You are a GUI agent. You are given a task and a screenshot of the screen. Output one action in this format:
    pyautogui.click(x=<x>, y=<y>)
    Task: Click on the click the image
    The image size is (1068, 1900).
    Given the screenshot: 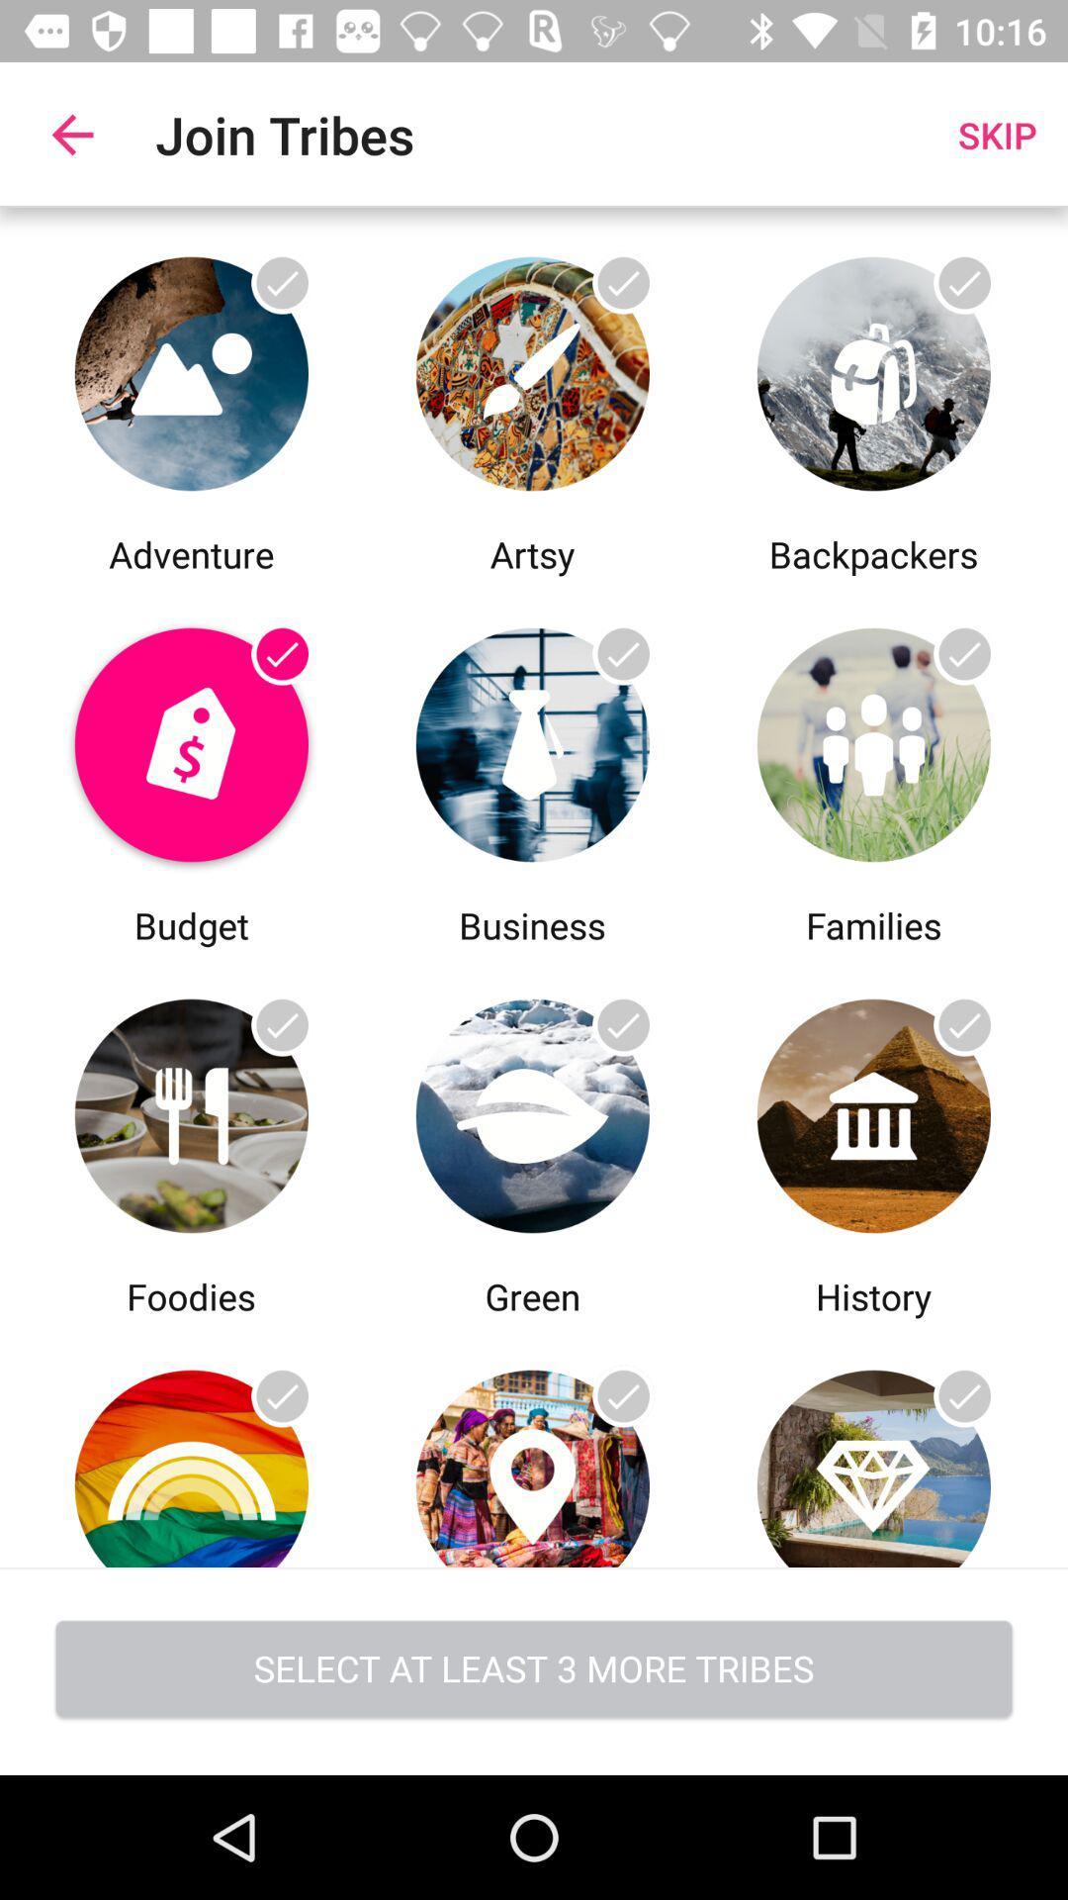 What is the action you would take?
    pyautogui.click(x=872, y=1110)
    